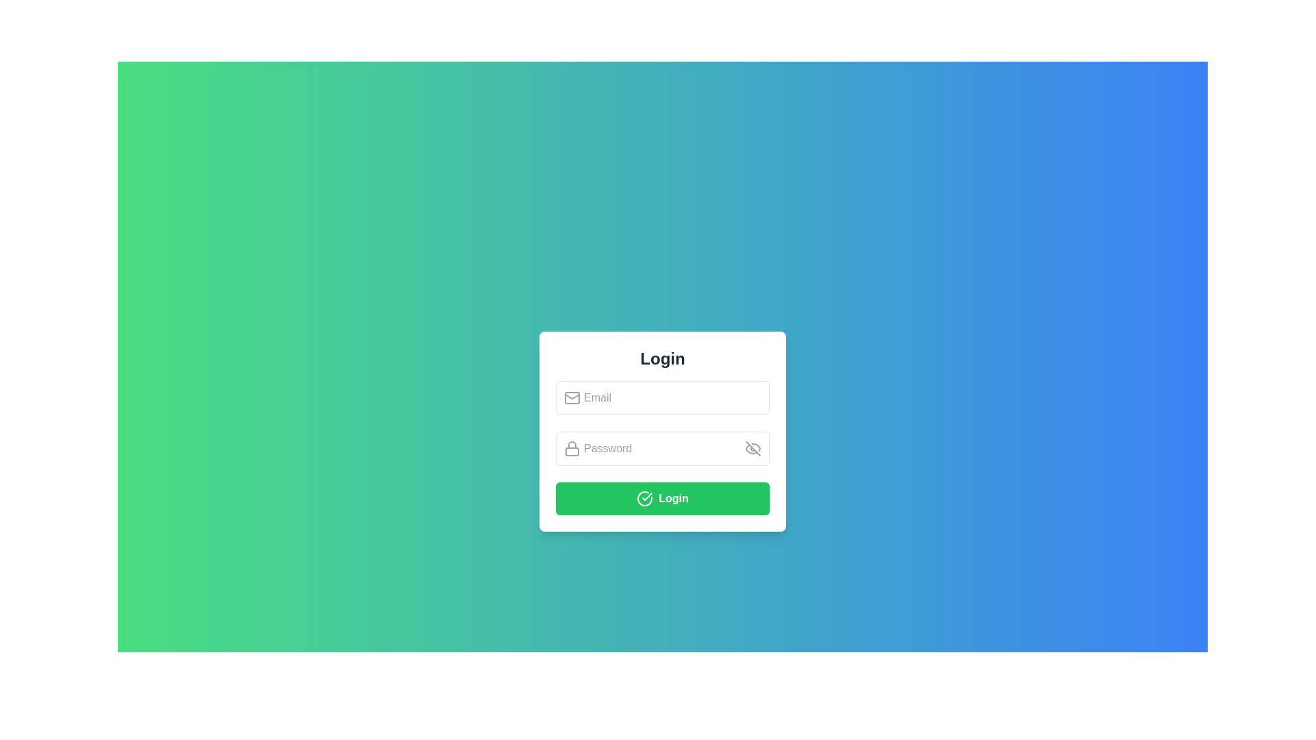  I want to click on the green outlined circular checkmark icon located on the left side of the 'Login' button, which visually enhances its function as confirmation or success, so click(644, 499).